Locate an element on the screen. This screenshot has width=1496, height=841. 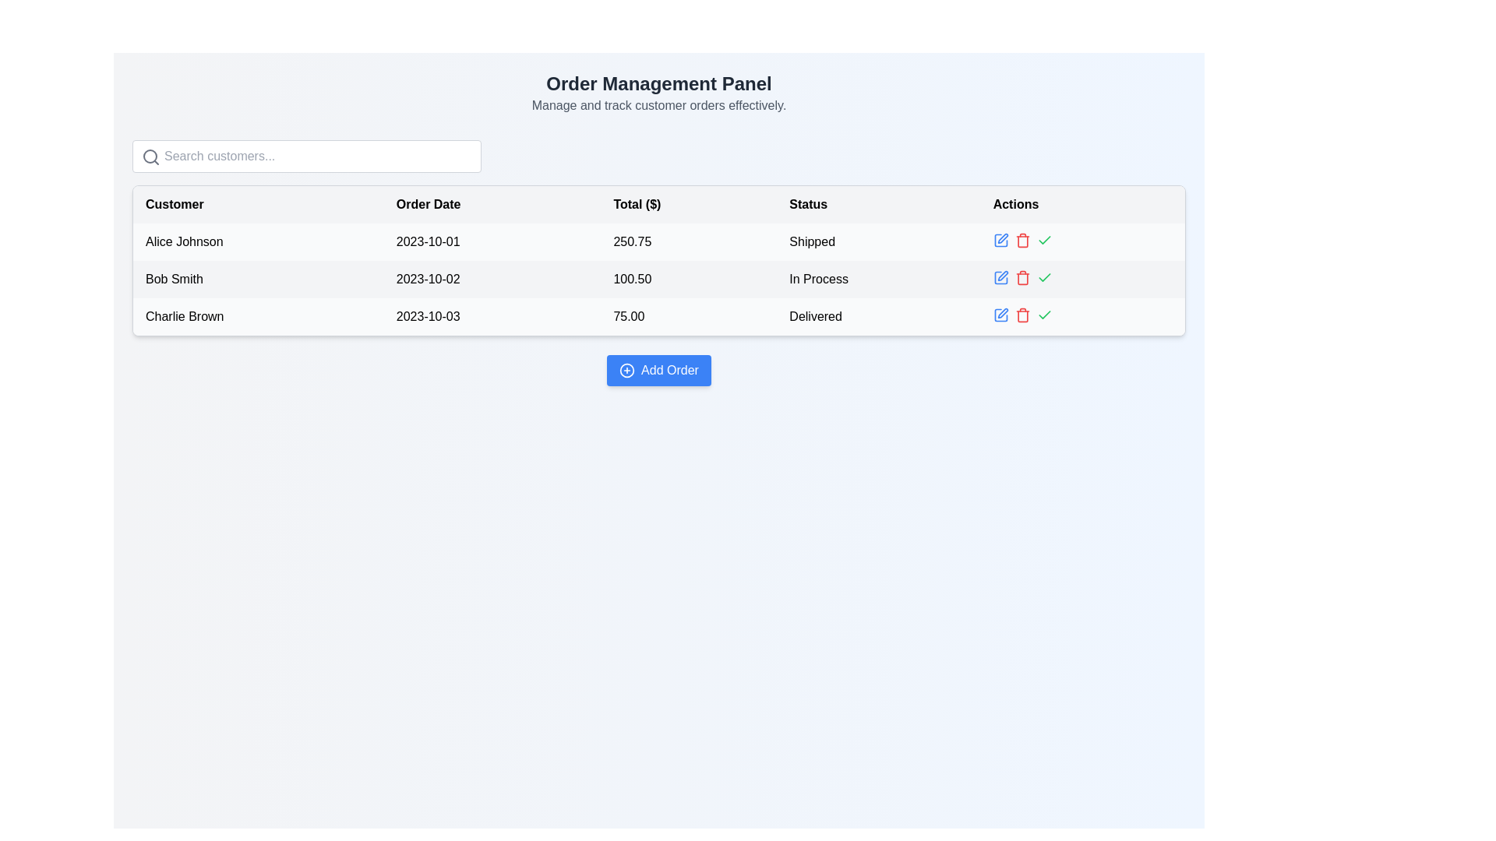
the blank separator element located in the 'Actions' column of the table, positioned to the right of the action icons for 'Alice Johnson' is located at coordinates (1081, 240).